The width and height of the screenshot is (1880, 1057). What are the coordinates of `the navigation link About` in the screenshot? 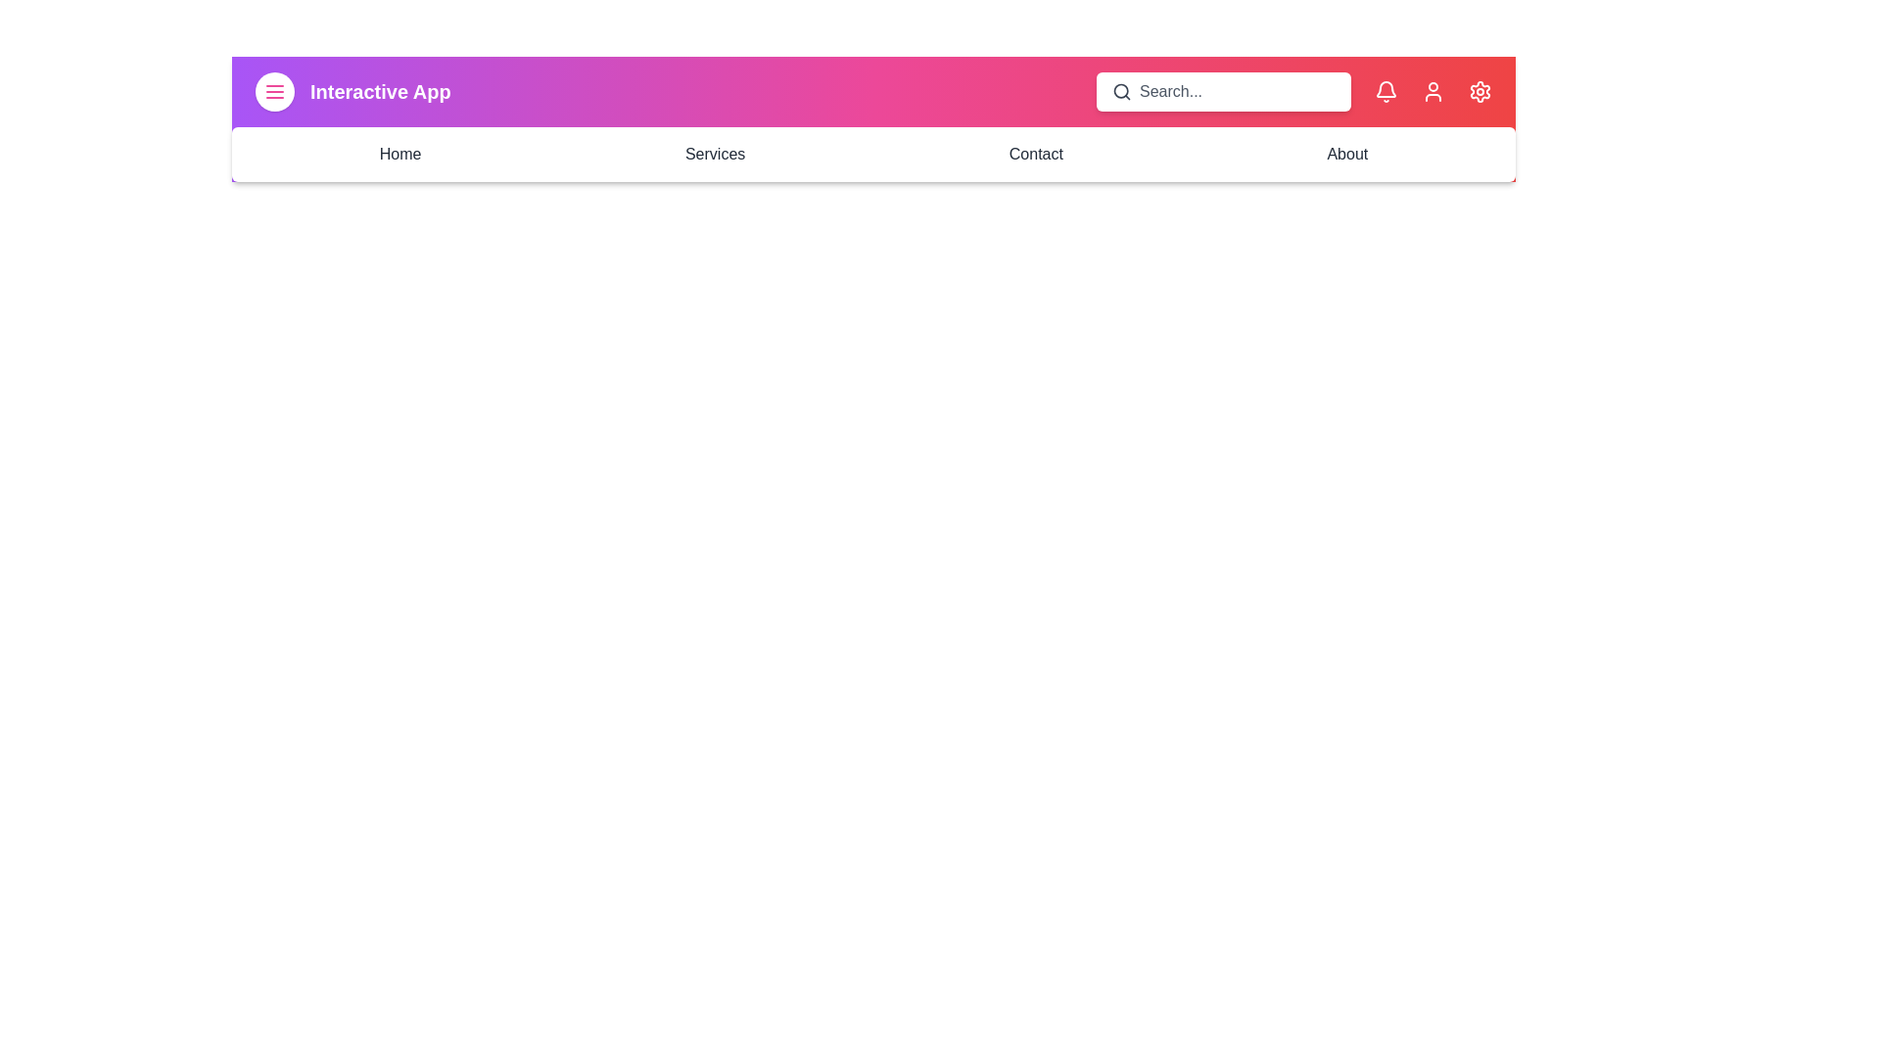 It's located at (1346, 154).